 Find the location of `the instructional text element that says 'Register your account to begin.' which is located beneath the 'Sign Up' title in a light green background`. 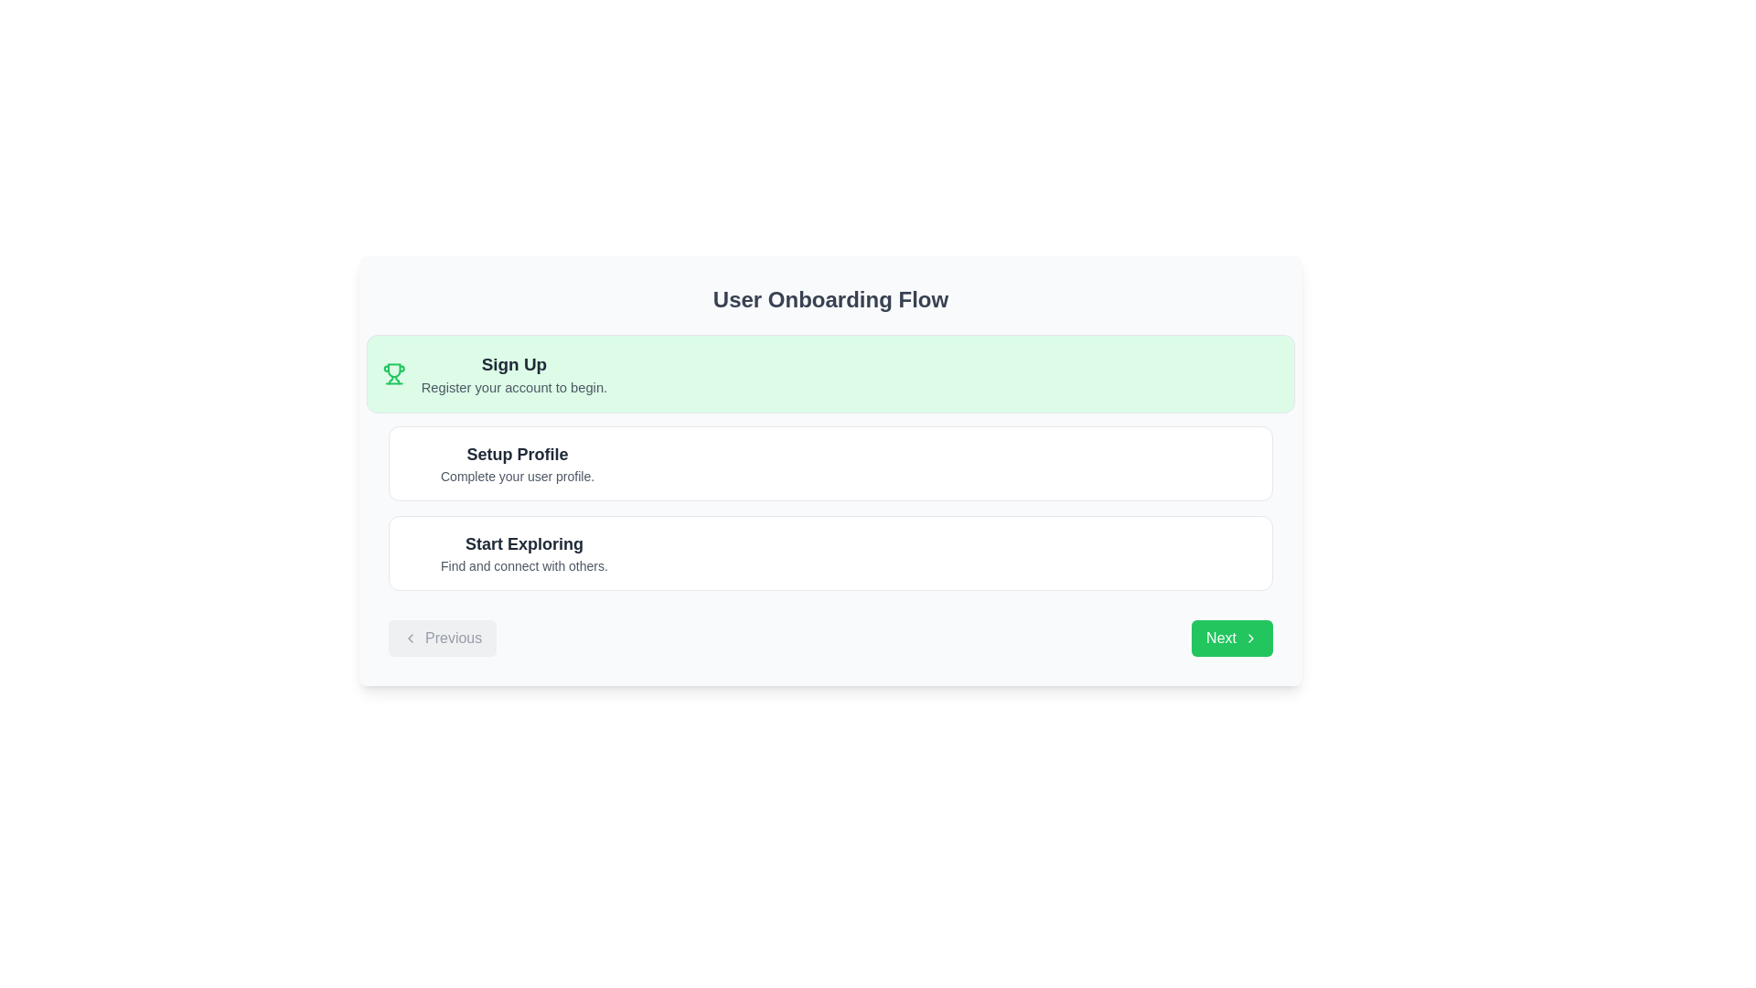

the instructional text element that says 'Register your account to begin.' which is located beneath the 'Sign Up' title in a light green background is located at coordinates (513, 386).